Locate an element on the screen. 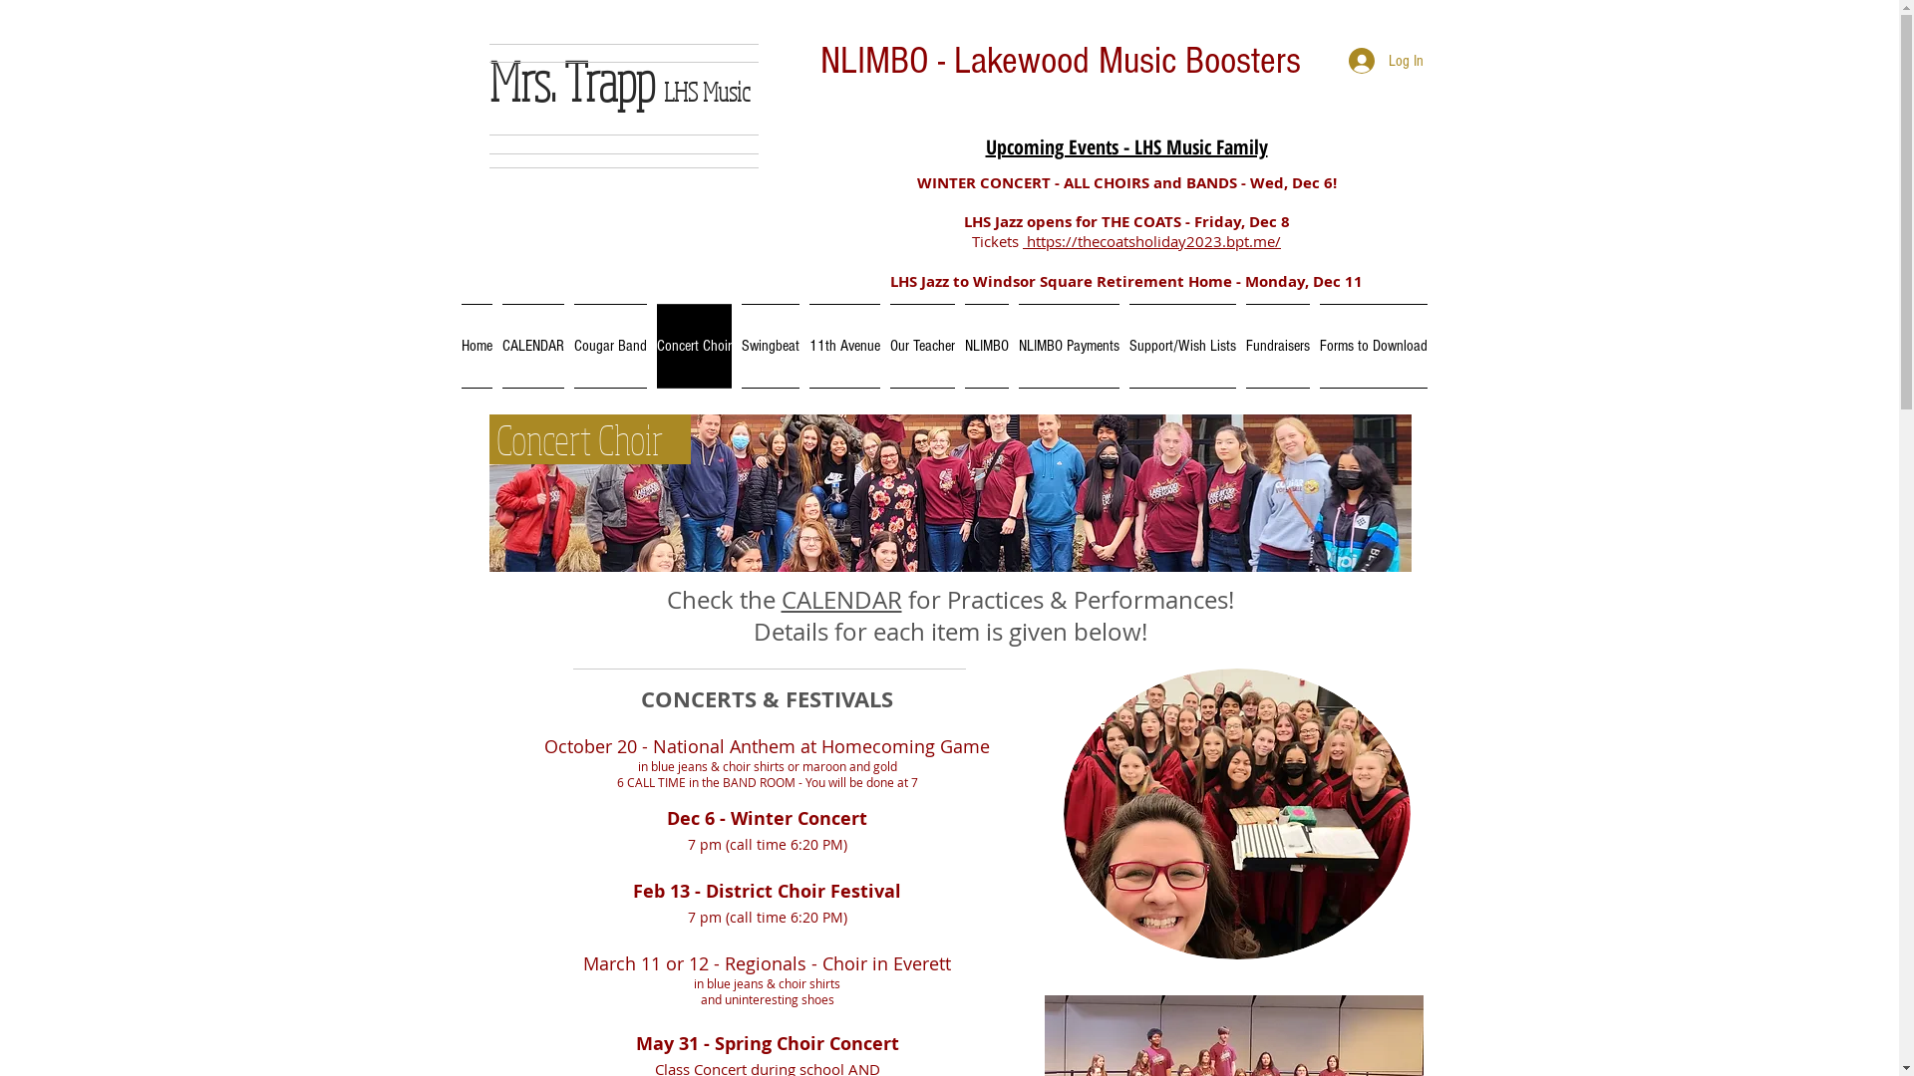  'Our Teacher' is located at coordinates (921, 345).